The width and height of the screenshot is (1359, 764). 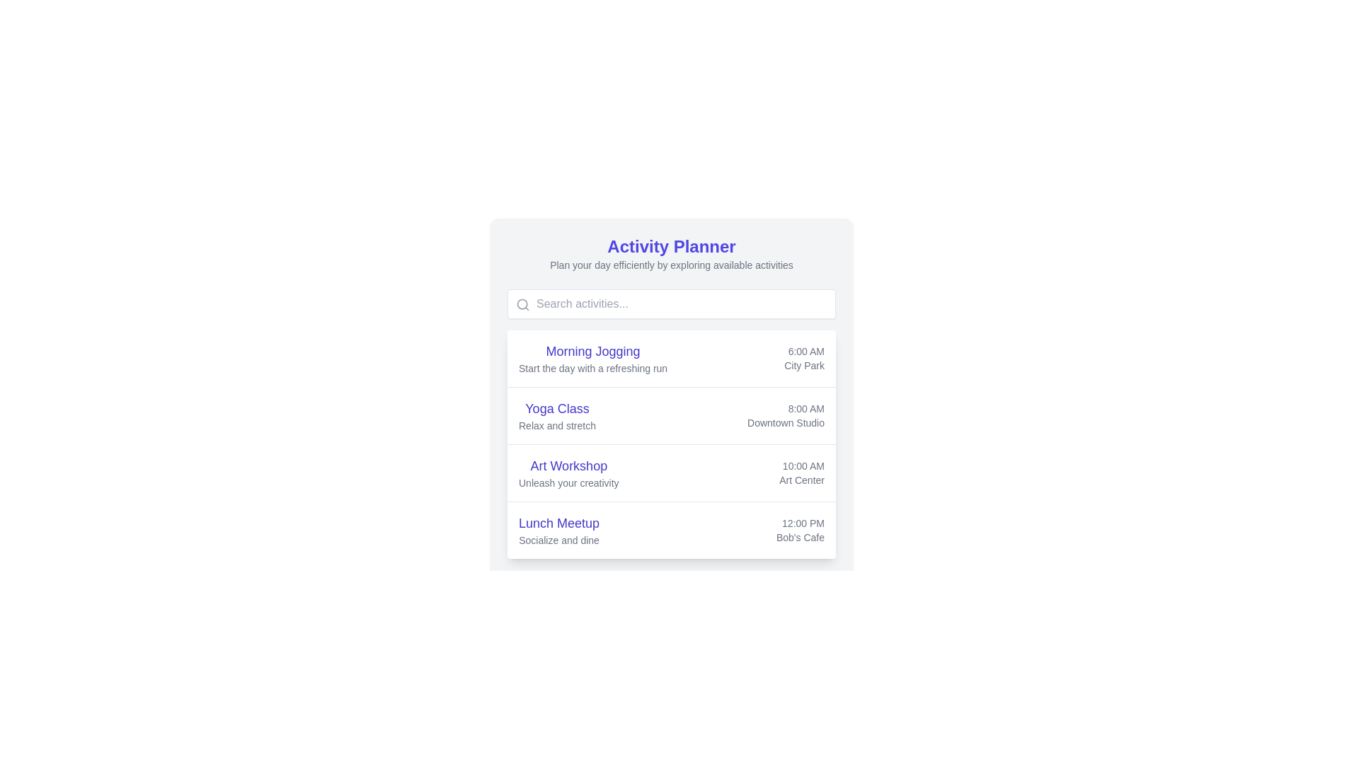 What do you see at coordinates (522, 304) in the screenshot?
I see `the magnifying glass icon located in the search bar at the top of the activity list section, which has a thin black stroke and rounded edges` at bounding box center [522, 304].